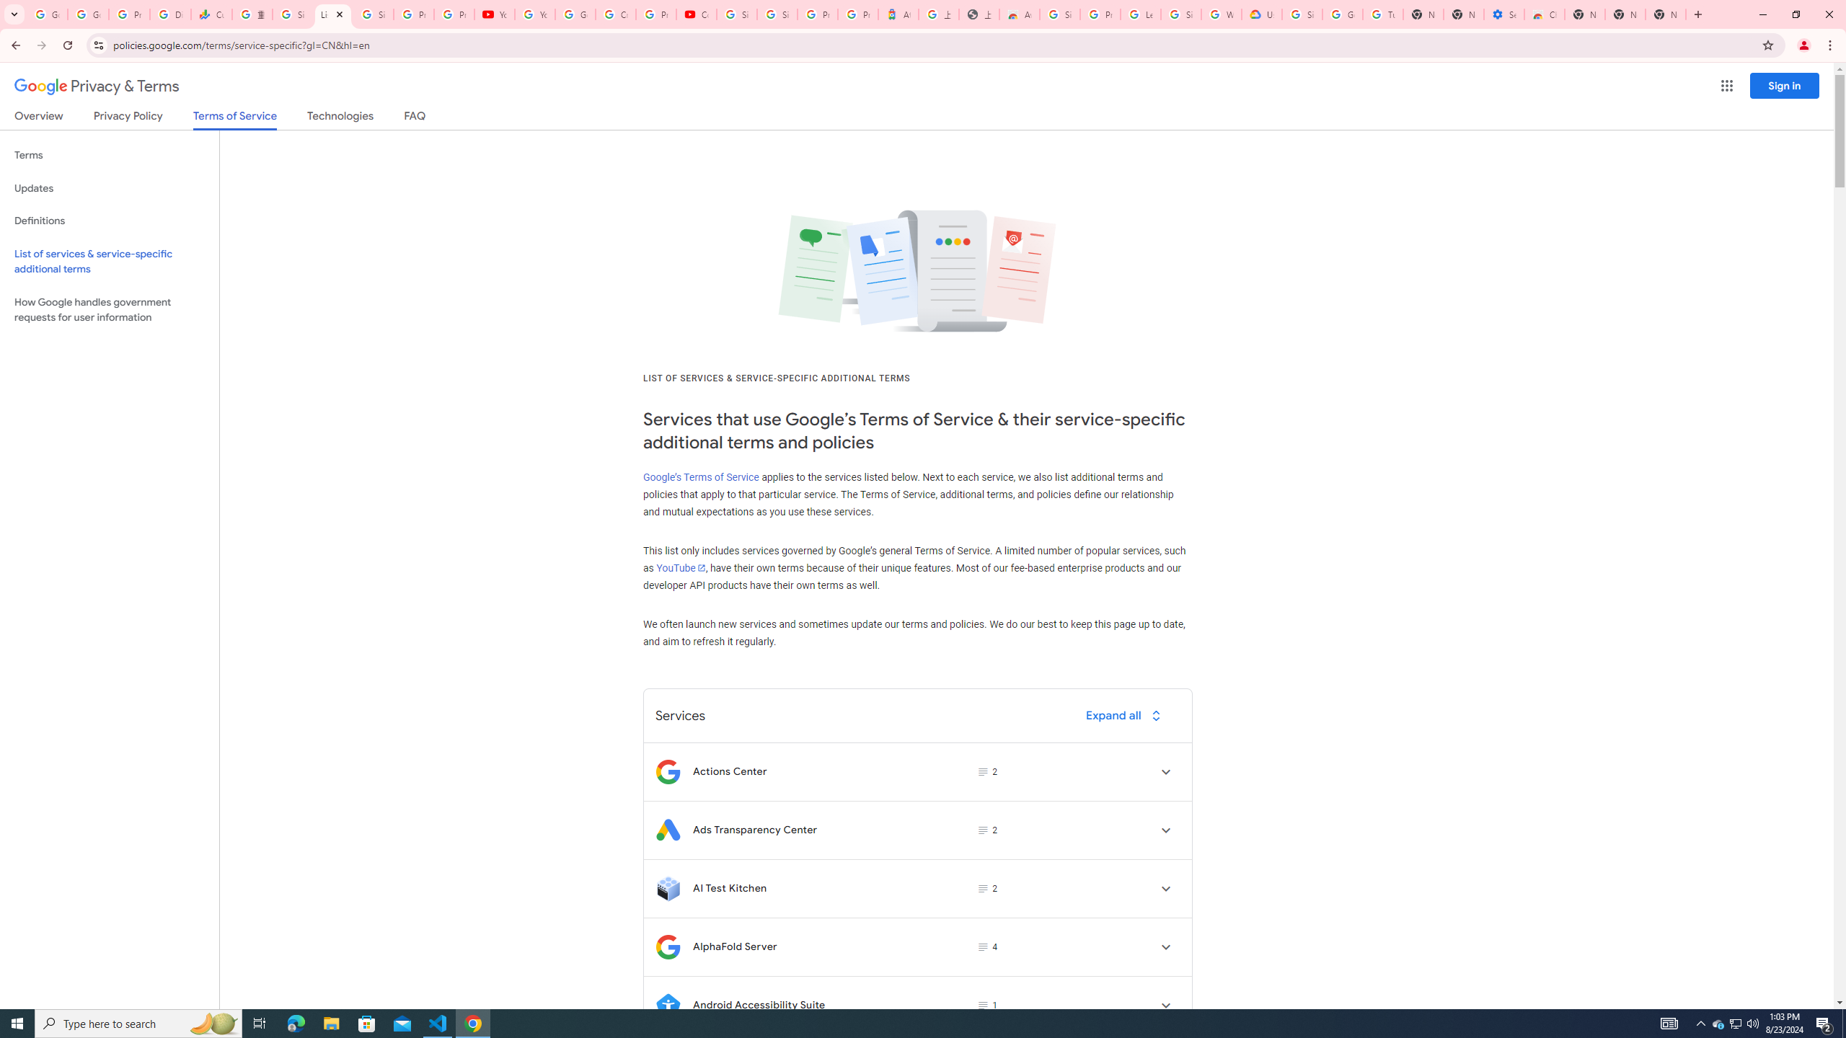  I want to click on 'Currencies - Google Finance', so click(211, 14).